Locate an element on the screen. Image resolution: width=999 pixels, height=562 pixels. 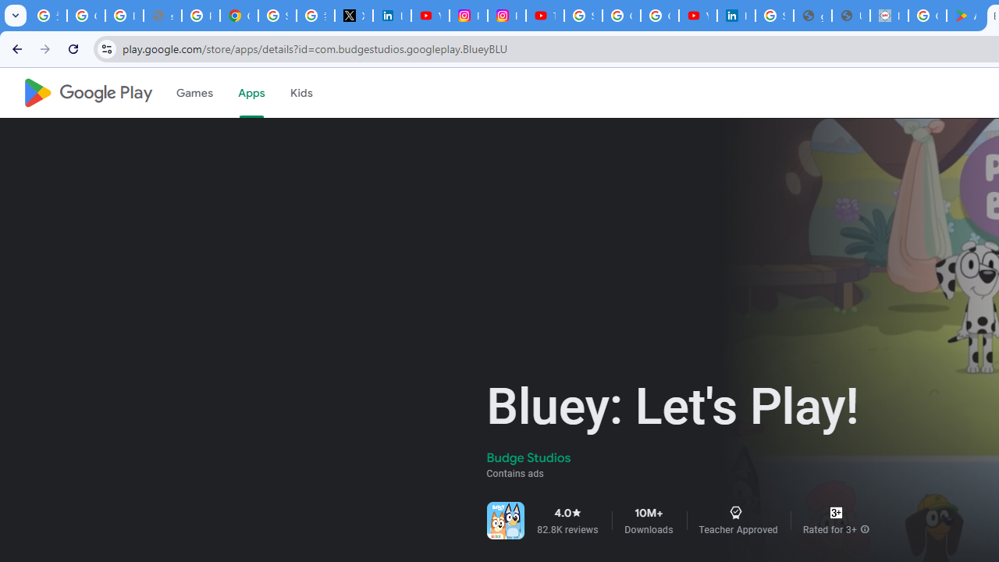
'Sign in - Google Accounts' is located at coordinates (277, 16).